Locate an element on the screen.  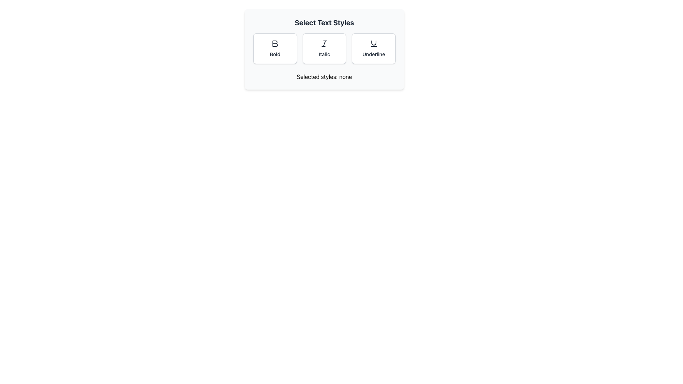
the 'Bold' text style icon located within the 'Select Text Styles' interface is located at coordinates (275, 44).